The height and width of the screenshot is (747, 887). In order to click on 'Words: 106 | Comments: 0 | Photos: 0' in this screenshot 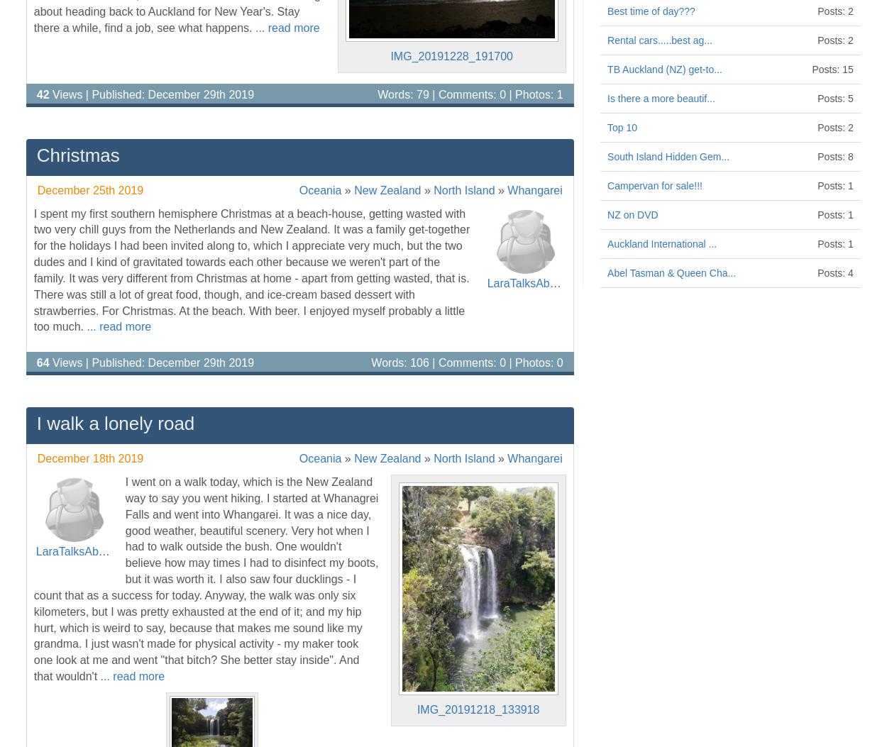, I will do `click(371, 363)`.